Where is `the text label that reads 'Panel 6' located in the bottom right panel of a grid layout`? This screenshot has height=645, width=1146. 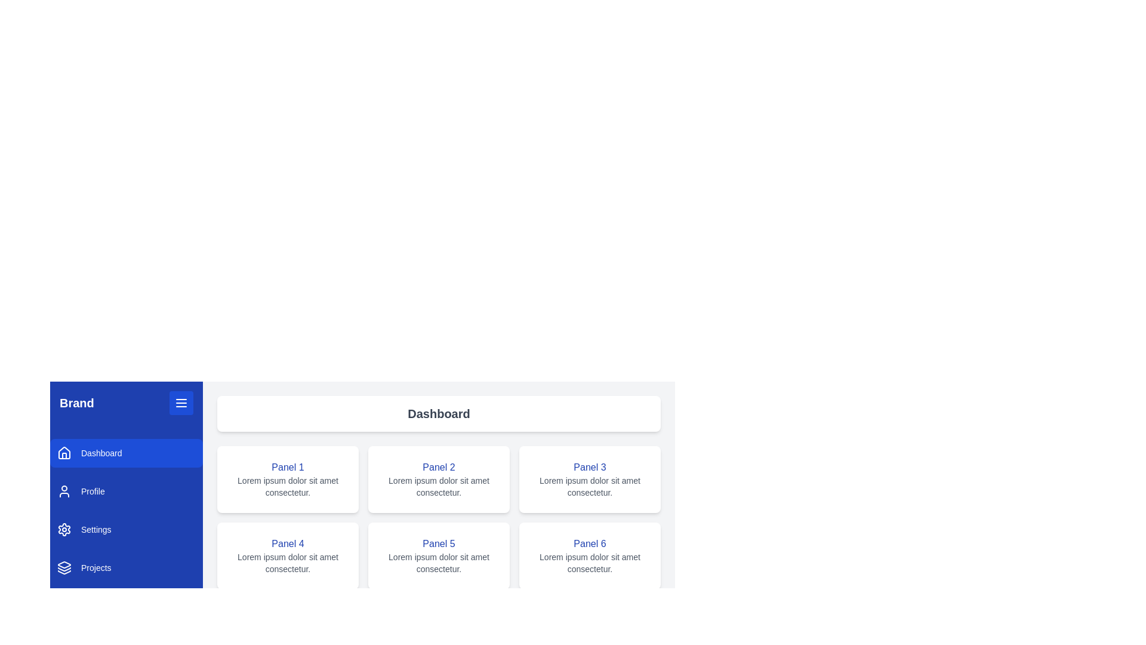
the text label that reads 'Panel 6' located in the bottom right panel of a grid layout is located at coordinates (590, 543).